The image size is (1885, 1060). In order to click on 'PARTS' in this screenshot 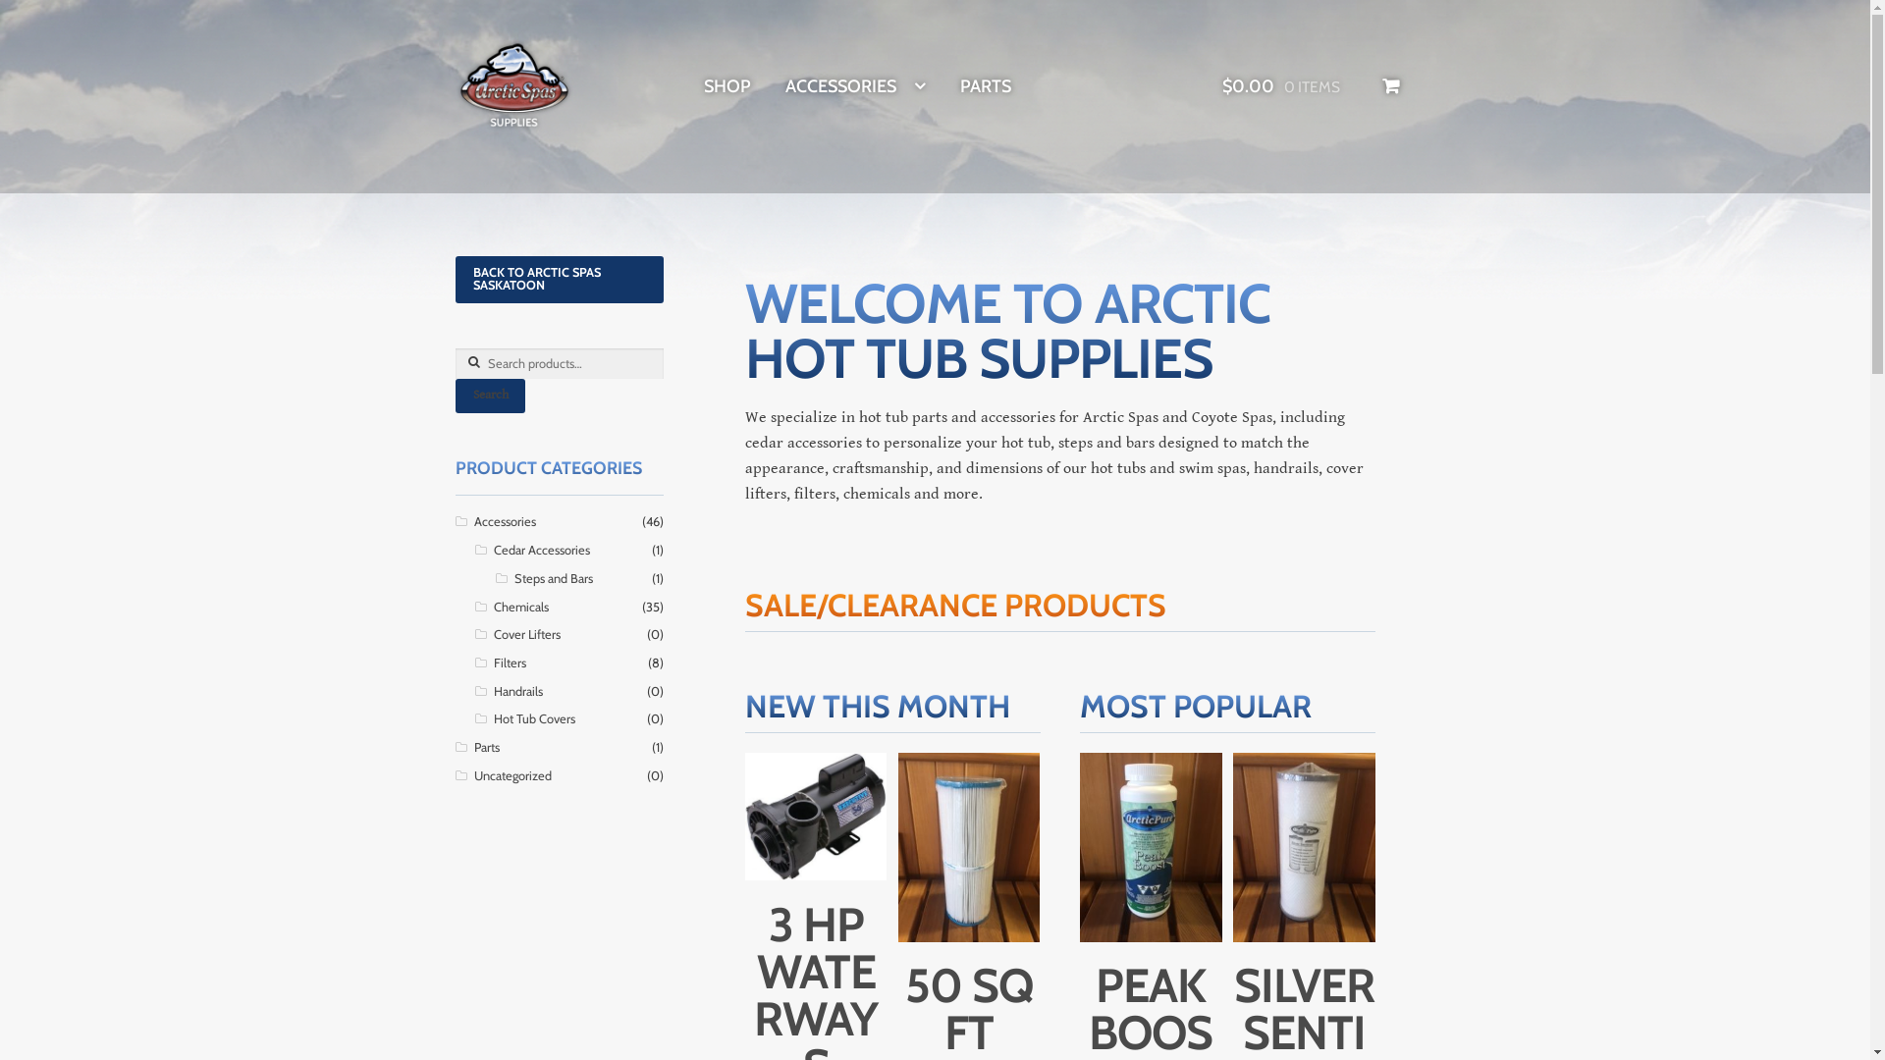, I will do `click(960, 85)`.